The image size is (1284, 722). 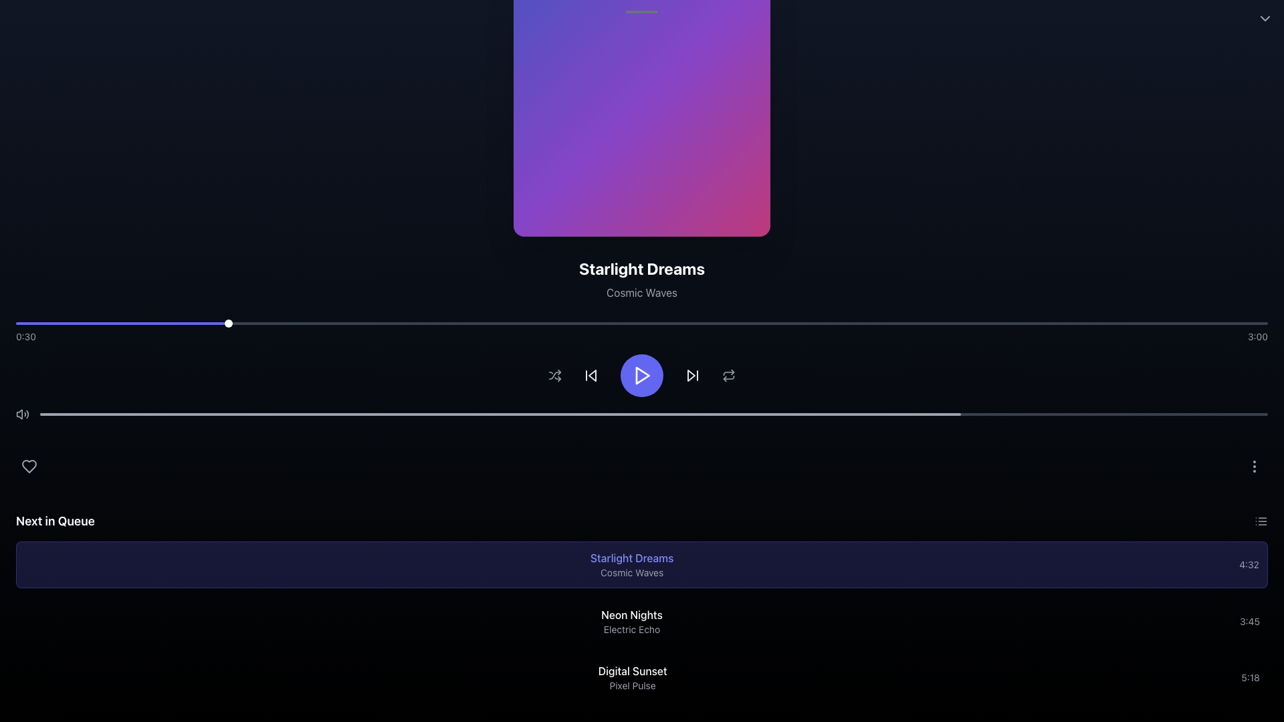 I want to click on the List item labeled 'Digital Sunset', so click(x=642, y=678).